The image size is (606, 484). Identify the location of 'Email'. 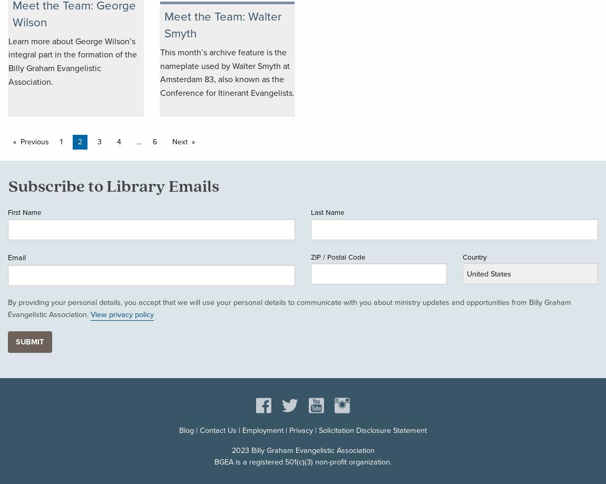
(16, 256).